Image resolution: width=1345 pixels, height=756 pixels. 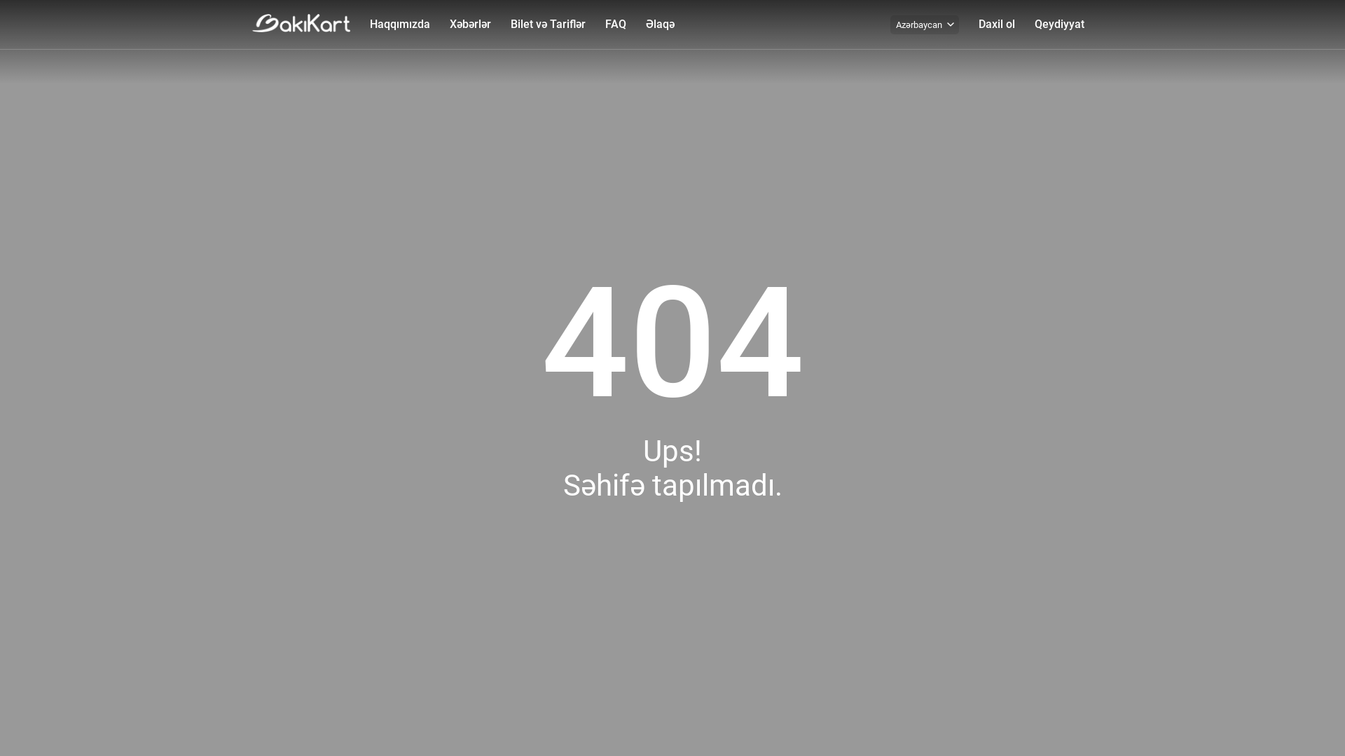 What do you see at coordinates (615, 24) in the screenshot?
I see `'FAQ'` at bounding box center [615, 24].